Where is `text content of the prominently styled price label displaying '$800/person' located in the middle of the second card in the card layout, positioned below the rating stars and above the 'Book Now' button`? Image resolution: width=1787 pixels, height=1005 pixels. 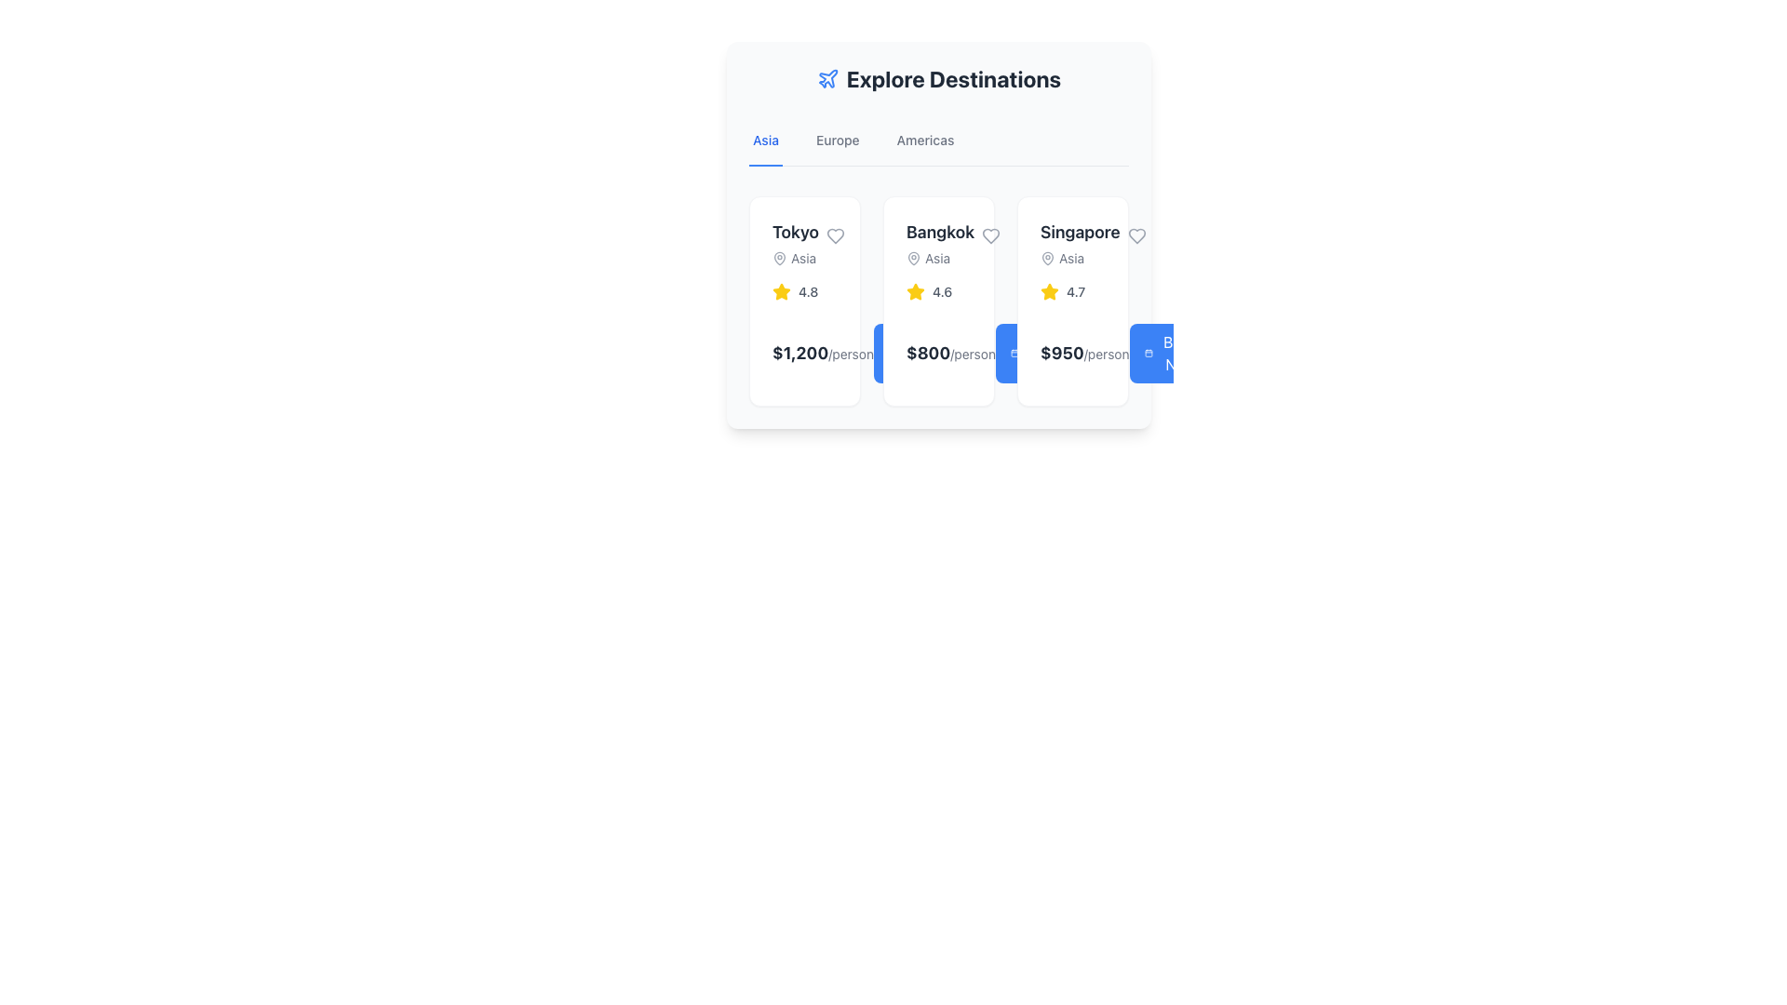
text content of the prominently styled price label displaying '$800/person' located in the middle of the second card in the card layout, positioned below the rating stars and above the 'Book Now' button is located at coordinates (938, 354).